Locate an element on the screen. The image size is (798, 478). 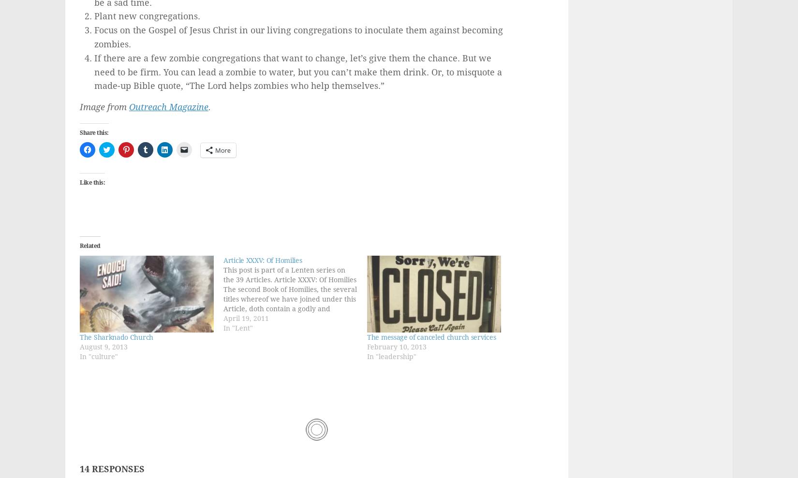
'Focus on the Gospel of Jesus Christ in our living congregations to inoculate them against becoming zombies.' is located at coordinates (298, 37).